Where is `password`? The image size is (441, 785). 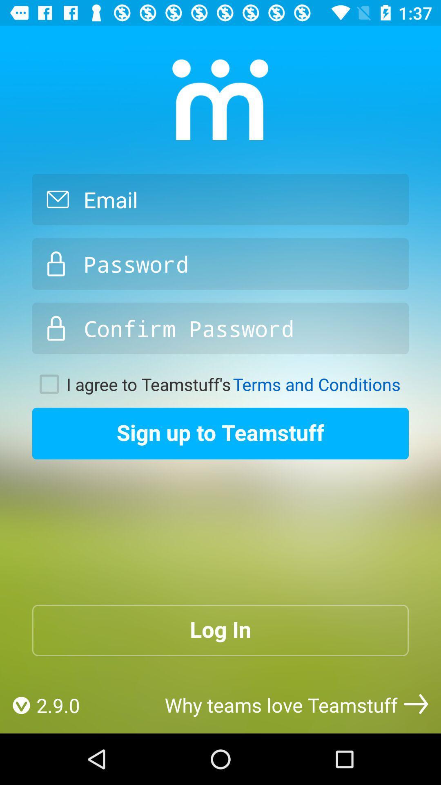 password is located at coordinates (220, 264).